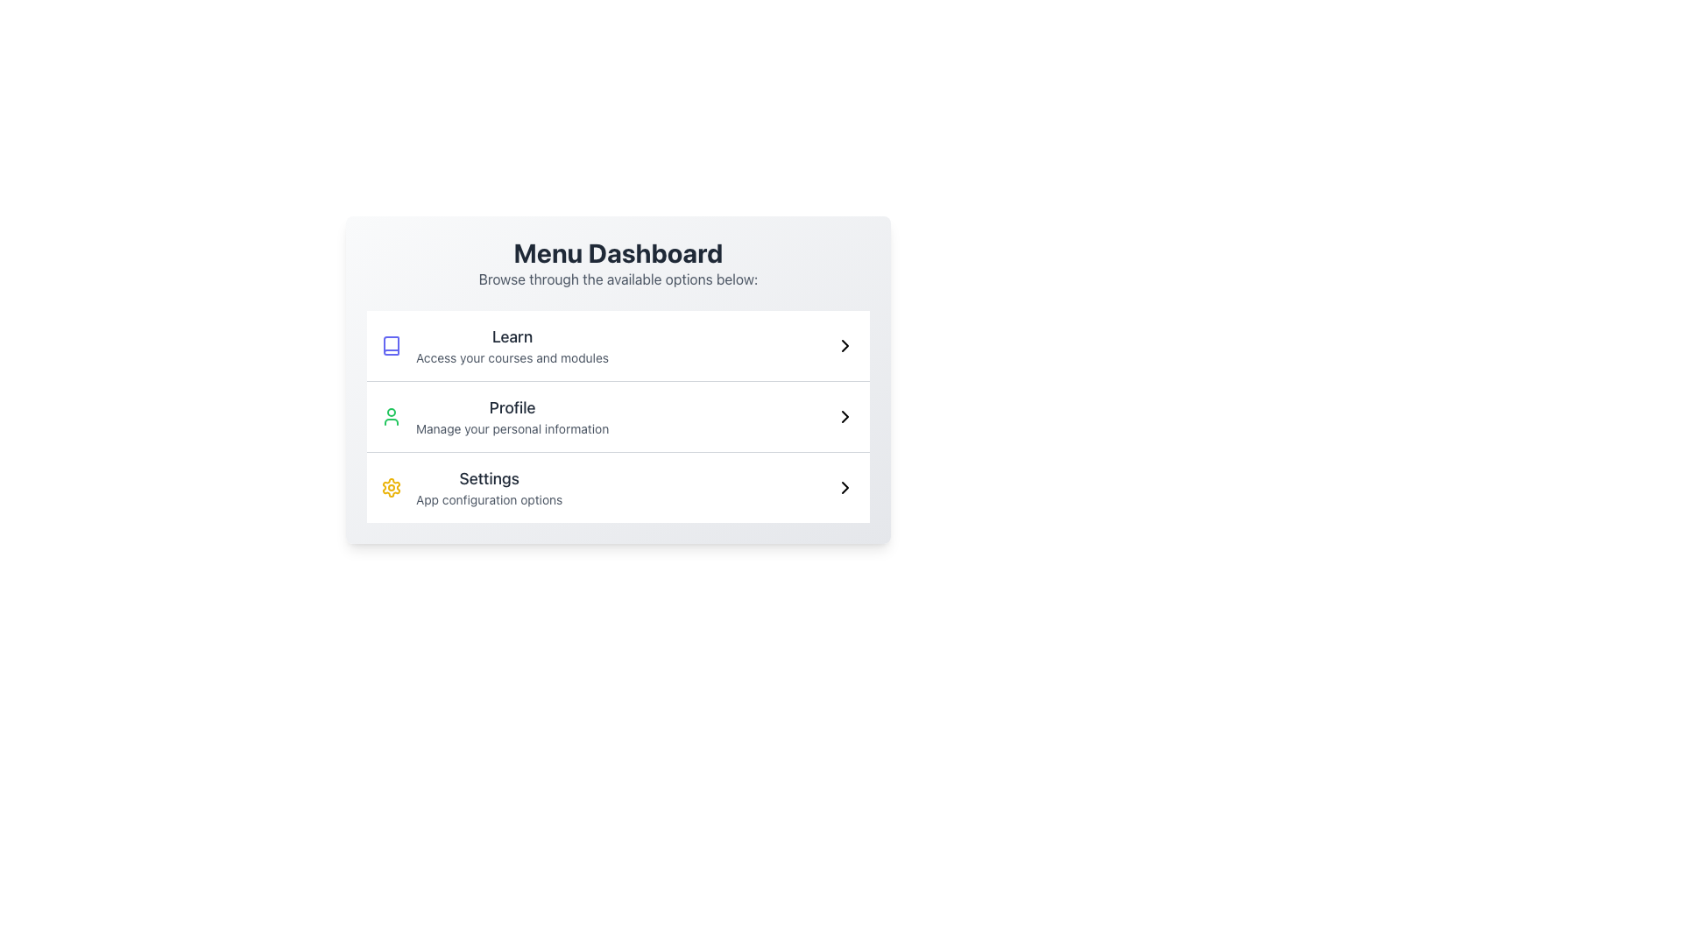  What do you see at coordinates (489, 479) in the screenshot?
I see `text label 'Settings' located in the bottom section of the vertical menu layout, which is styled with a medium black font and aligned to the left` at bounding box center [489, 479].